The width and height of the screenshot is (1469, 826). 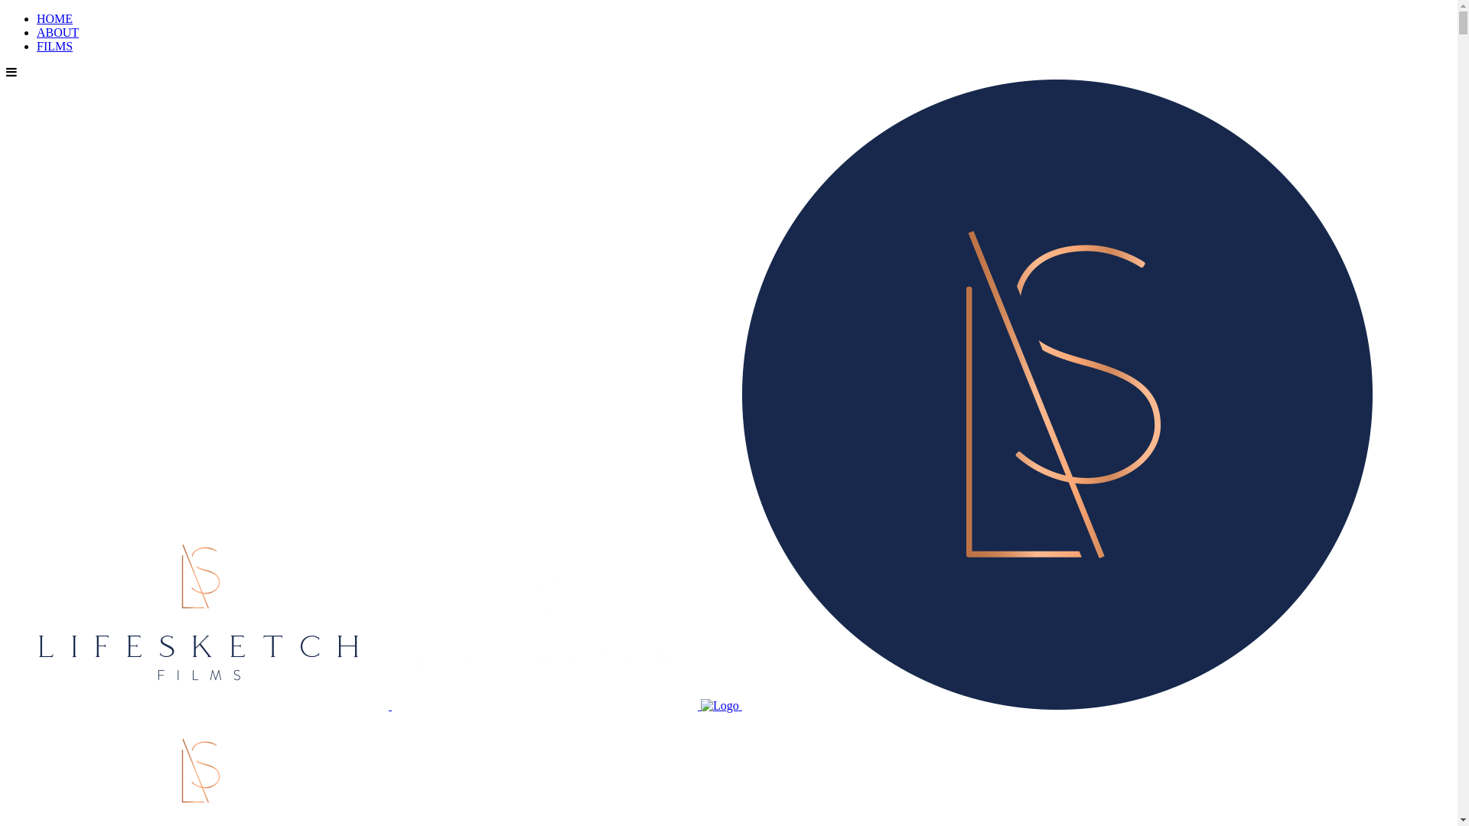 What do you see at coordinates (54, 18) in the screenshot?
I see `'HOME'` at bounding box center [54, 18].